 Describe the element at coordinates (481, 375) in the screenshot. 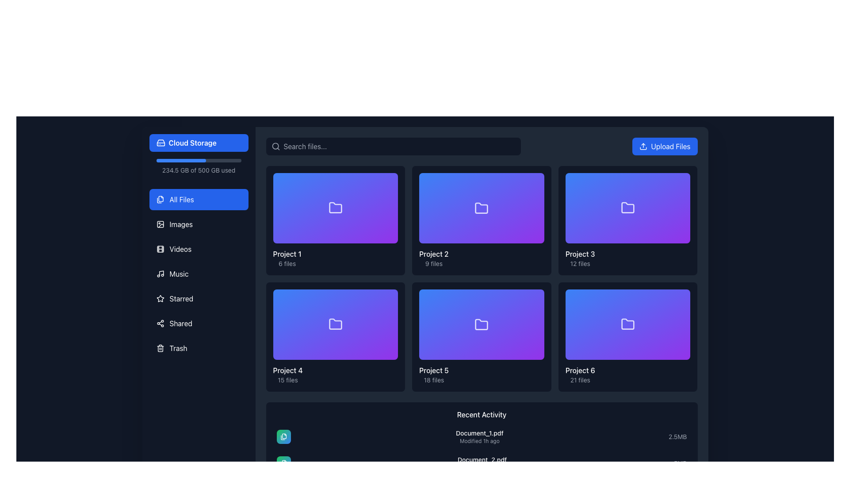

I see `the Textual Information Block displaying the title 'Project 5' and subtitle '18 files' located in the sixth card of the content grid` at that location.